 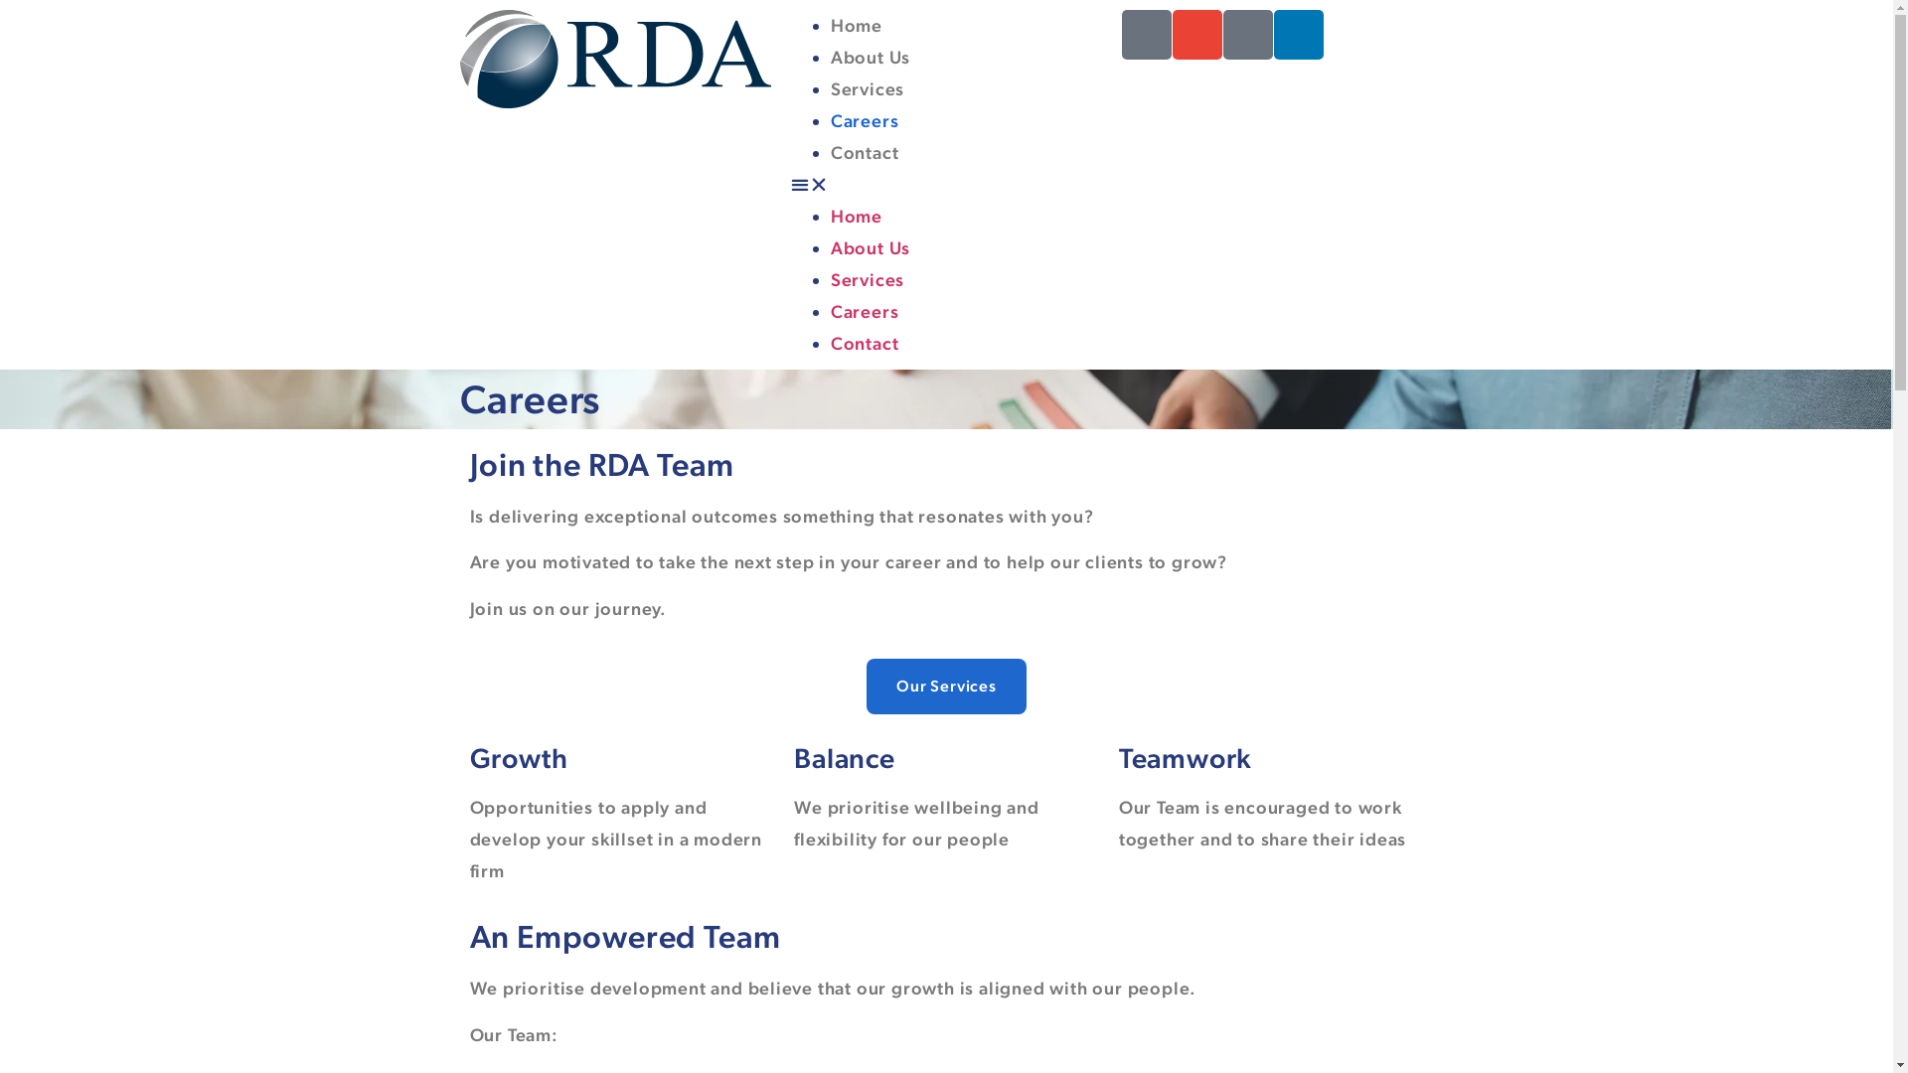 I want to click on 'Home', so click(x=857, y=25).